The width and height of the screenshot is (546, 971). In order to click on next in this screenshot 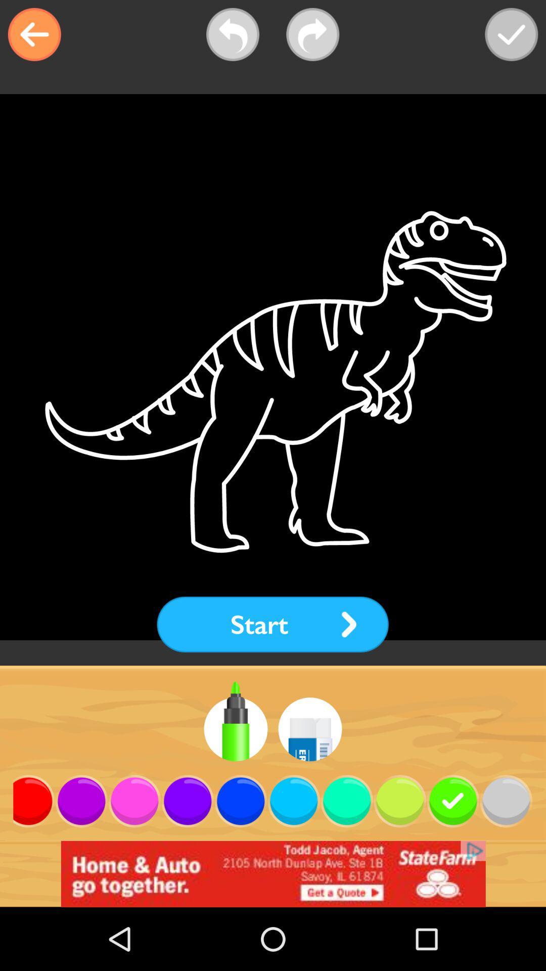, I will do `click(312, 34)`.